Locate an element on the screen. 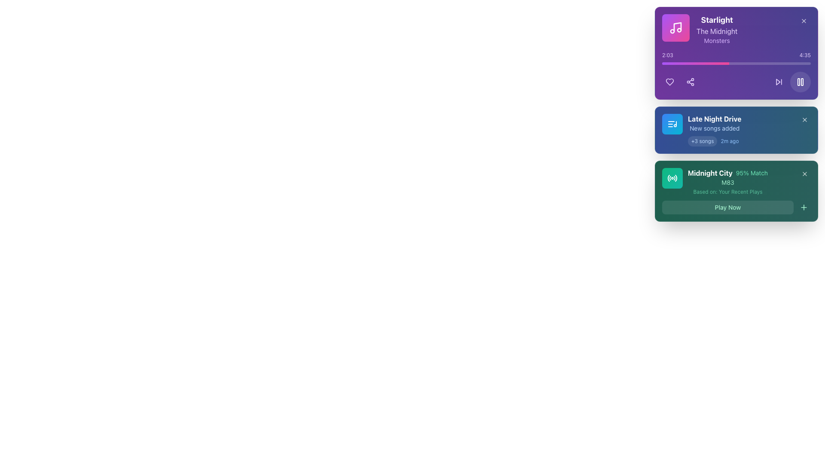 The width and height of the screenshot is (825, 464). the buttons or links within the Information Card displaying 'Late Night Drive' and '+3 songs 2m ago' is located at coordinates (736, 114).